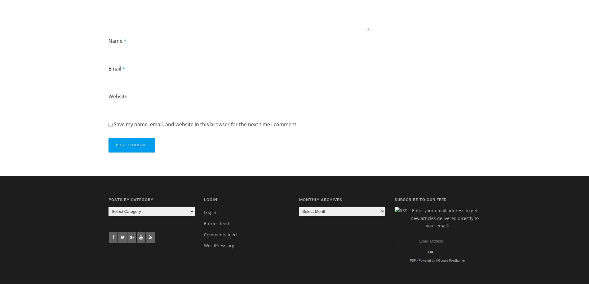 Image resolution: width=589 pixels, height=284 pixels. What do you see at coordinates (394, 199) in the screenshot?
I see `'Subscribe to our feed'` at bounding box center [394, 199].